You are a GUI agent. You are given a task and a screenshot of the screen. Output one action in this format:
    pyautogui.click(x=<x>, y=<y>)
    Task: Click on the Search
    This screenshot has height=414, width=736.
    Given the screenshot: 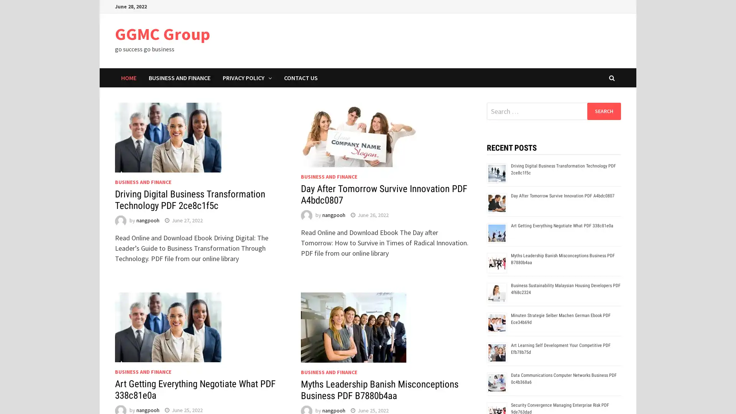 What is the action you would take?
    pyautogui.click(x=603, y=111)
    